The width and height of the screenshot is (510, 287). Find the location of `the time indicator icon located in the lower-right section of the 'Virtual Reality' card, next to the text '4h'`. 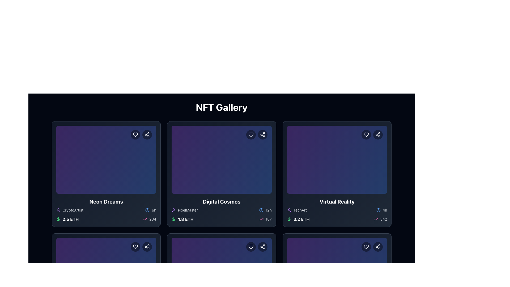

the time indicator icon located in the lower-right section of the 'Virtual Reality' card, next to the text '4h' is located at coordinates (378, 210).